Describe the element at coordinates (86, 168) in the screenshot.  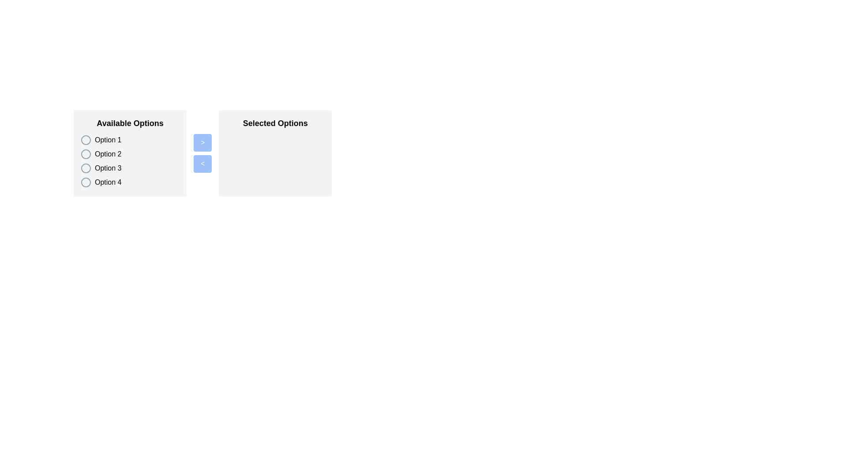
I see `the filled circle radio button indicator for Option 3 in the 'Available Options' section` at that location.